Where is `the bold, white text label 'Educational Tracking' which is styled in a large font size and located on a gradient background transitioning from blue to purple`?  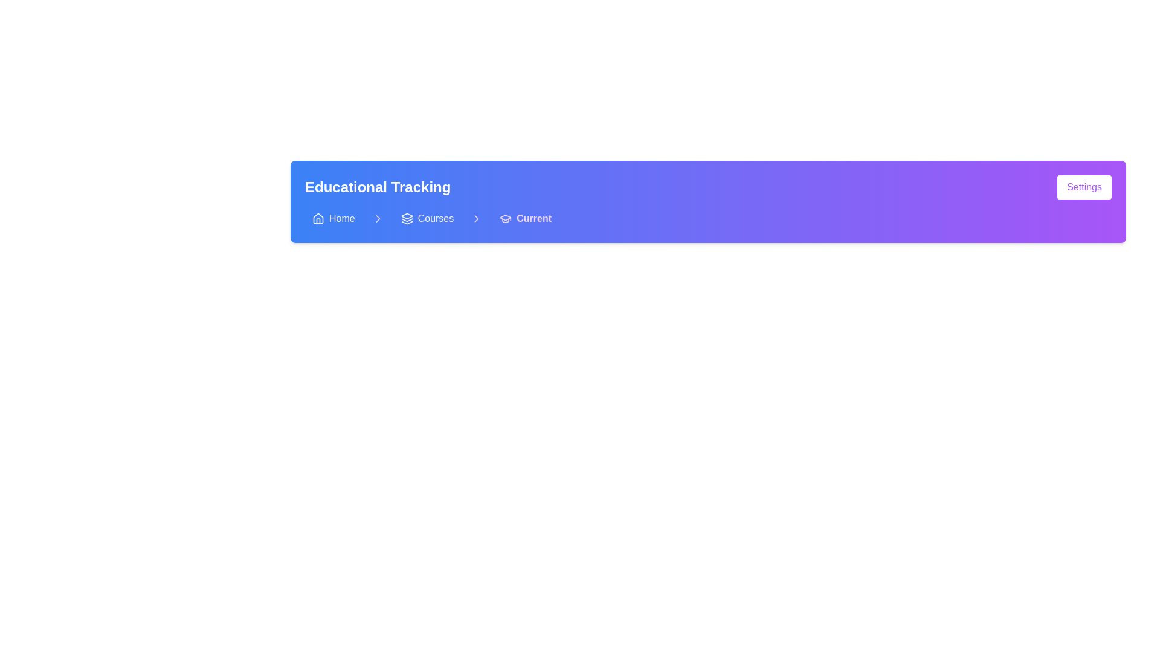 the bold, white text label 'Educational Tracking' which is styled in a large font size and located on a gradient background transitioning from blue to purple is located at coordinates (377, 187).